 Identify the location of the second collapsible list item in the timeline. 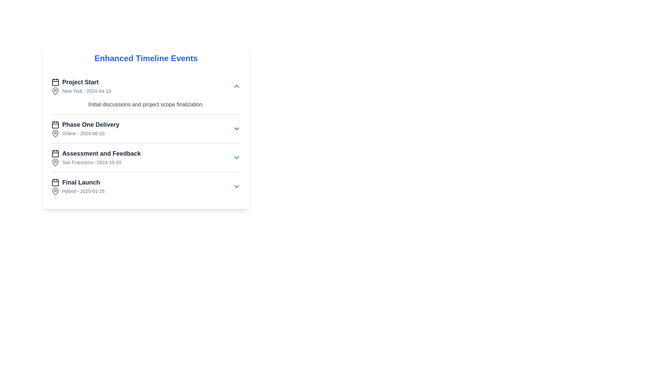
(146, 128).